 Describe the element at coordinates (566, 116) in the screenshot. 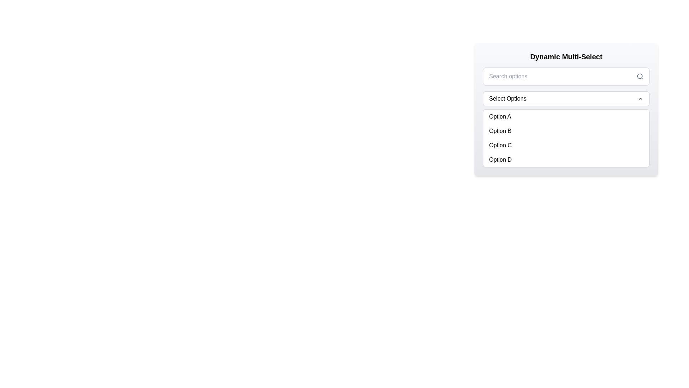

I see `the first selectable option 'Option A' in the dropdown list under the section titled 'Dynamic Multi-Select'` at that location.